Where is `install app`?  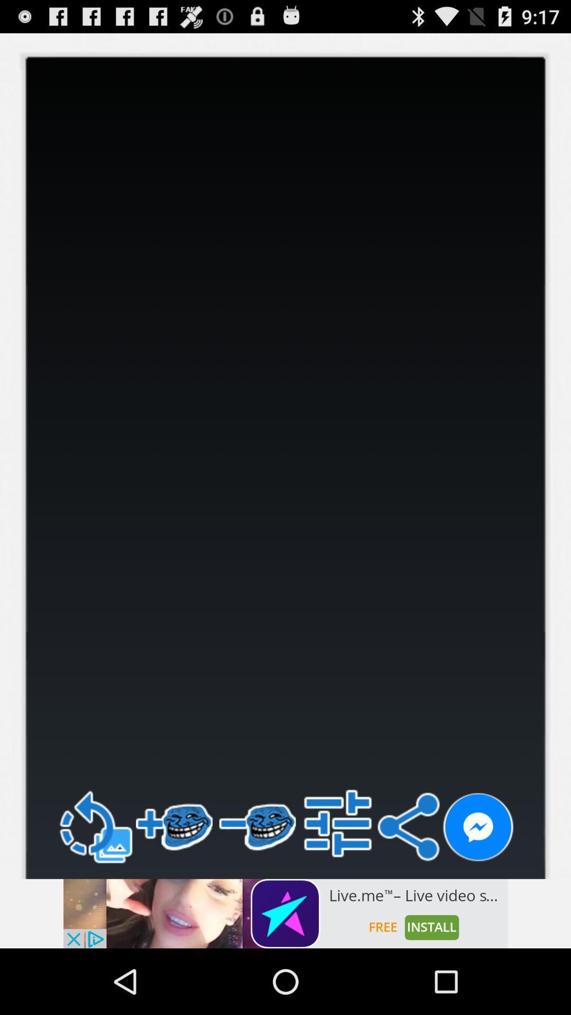 install app is located at coordinates (285, 913).